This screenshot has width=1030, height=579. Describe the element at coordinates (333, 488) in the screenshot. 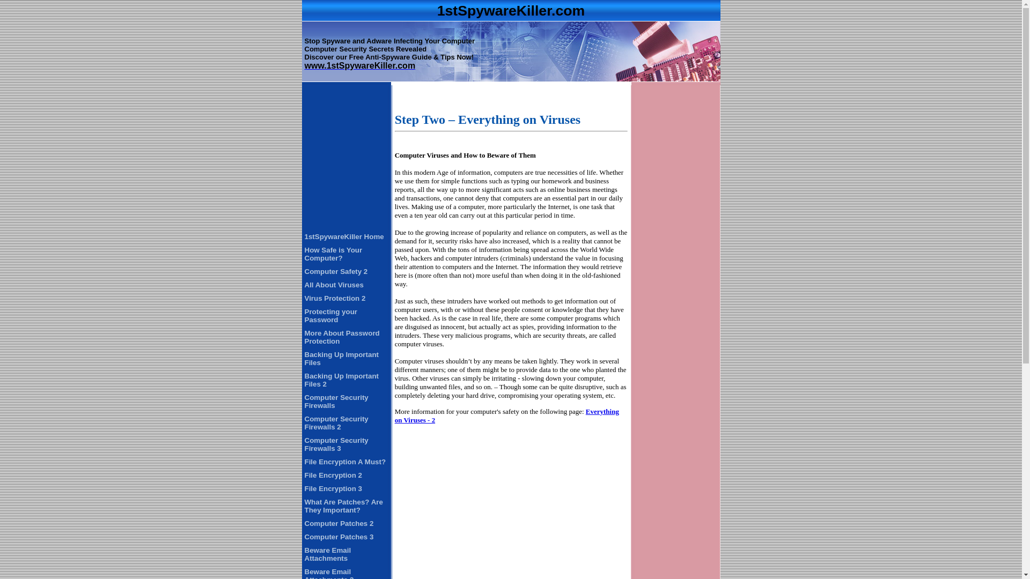

I see `'File Encryption 3'` at that location.